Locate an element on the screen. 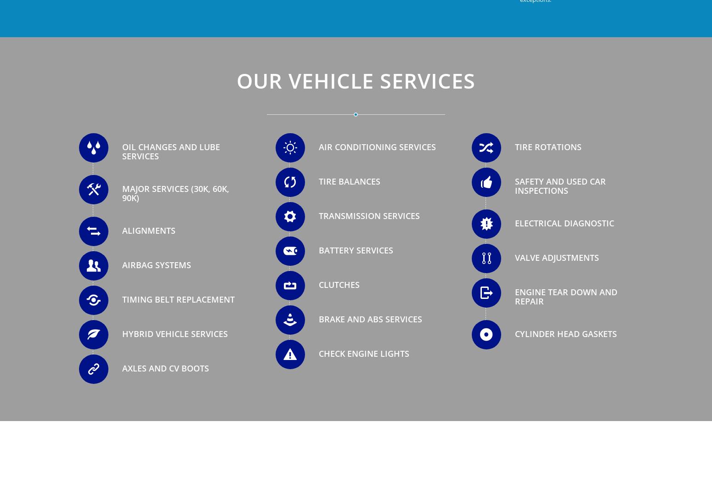 The width and height of the screenshot is (712, 478). 'Hybrid Vehicle Services' is located at coordinates (174, 332).